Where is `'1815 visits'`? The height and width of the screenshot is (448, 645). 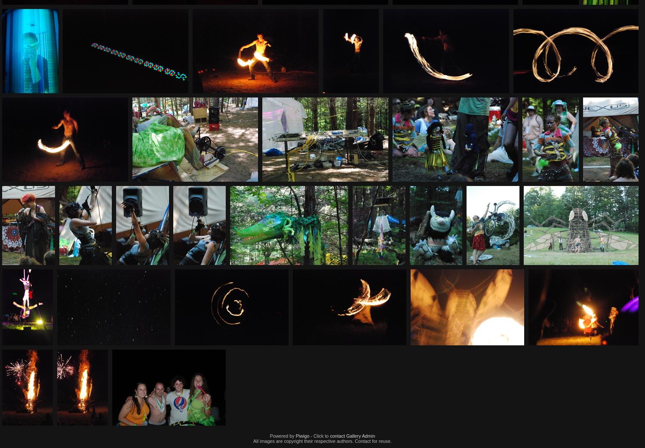
'1815 visits' is located at coordinates (457, 194).